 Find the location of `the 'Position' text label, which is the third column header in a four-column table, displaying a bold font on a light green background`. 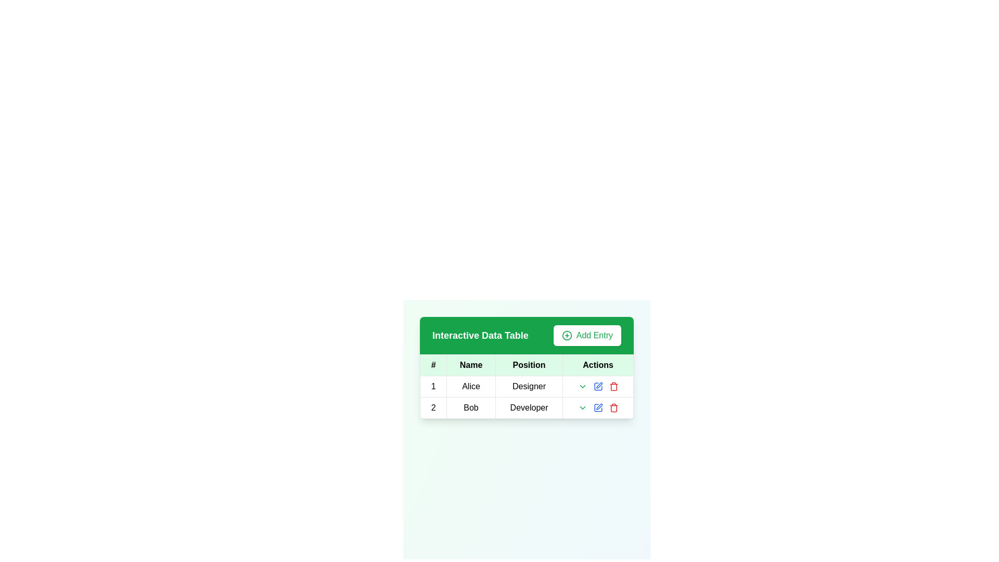

the 'Position' text label, which is the third column header in a four-column table, displaying a bold font on a light green background is located at coordinates (529, 365).